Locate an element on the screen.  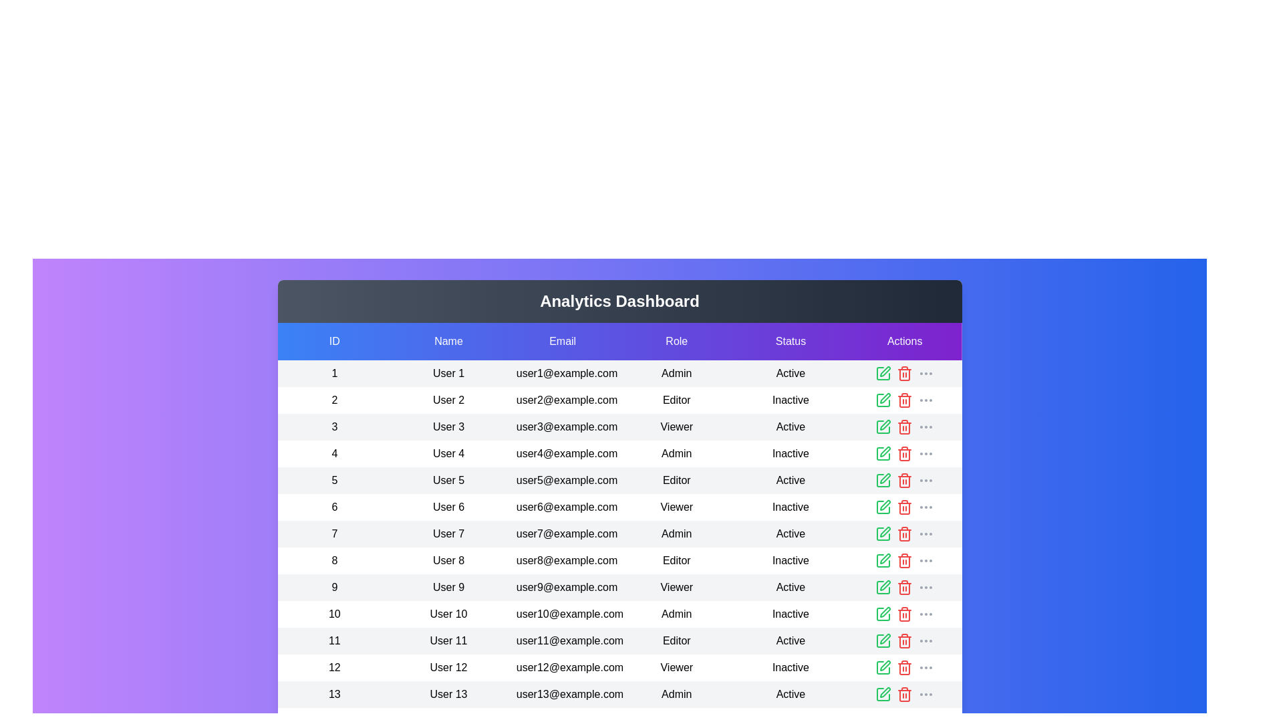
the header of the column labeled 'Name' to sort the table by that column is located at coordinates (448, 340).